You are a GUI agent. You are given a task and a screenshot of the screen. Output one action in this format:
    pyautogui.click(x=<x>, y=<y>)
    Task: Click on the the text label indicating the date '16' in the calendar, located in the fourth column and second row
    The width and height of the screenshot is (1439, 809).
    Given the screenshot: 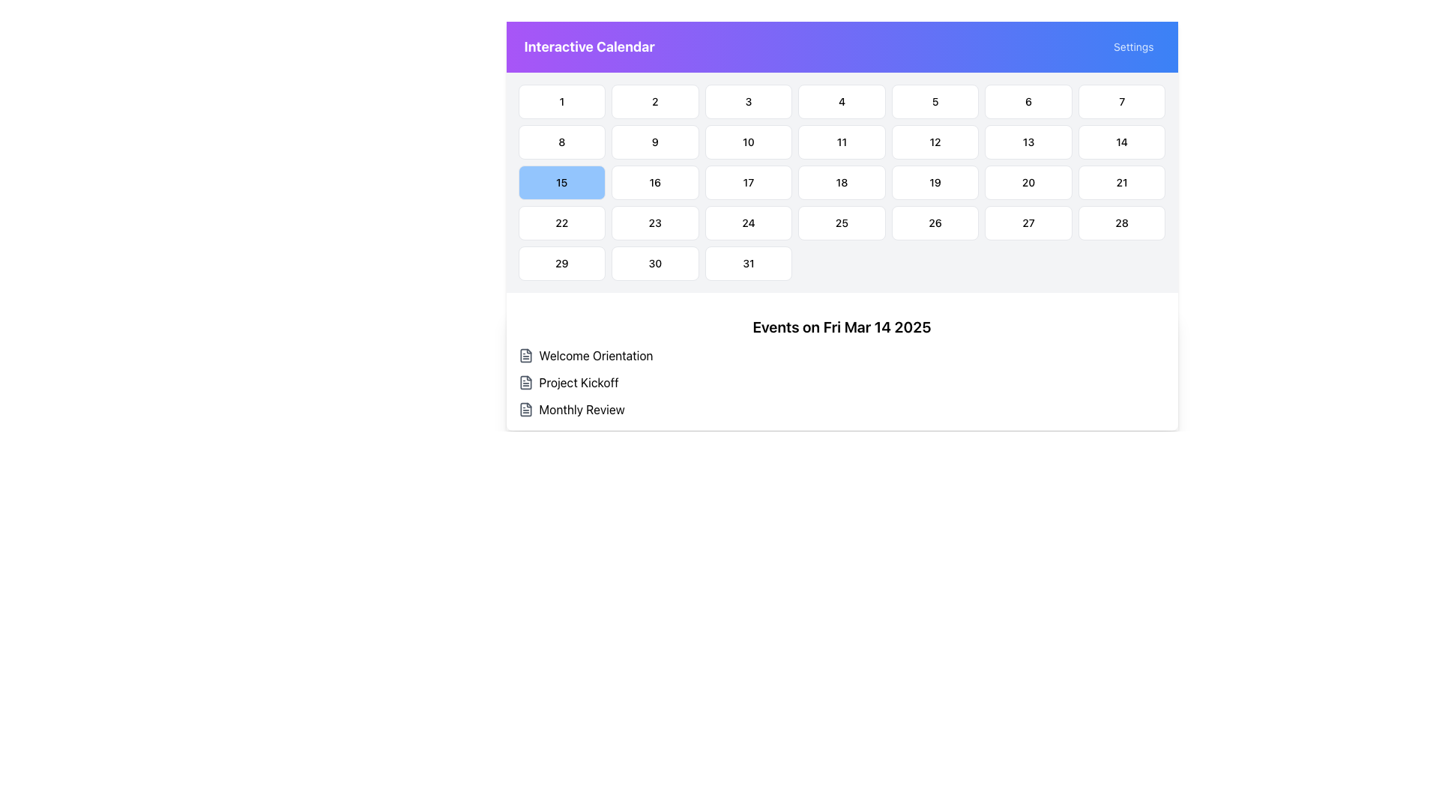 What is the action you would take?
    pyautogui.click(x=655, y=181)
    